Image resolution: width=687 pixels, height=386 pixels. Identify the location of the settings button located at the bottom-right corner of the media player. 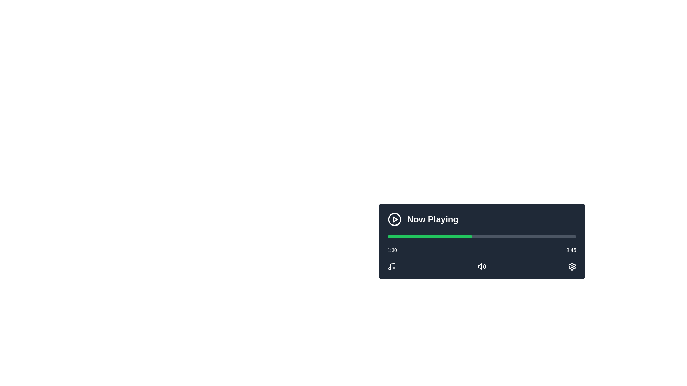
(571, 266).